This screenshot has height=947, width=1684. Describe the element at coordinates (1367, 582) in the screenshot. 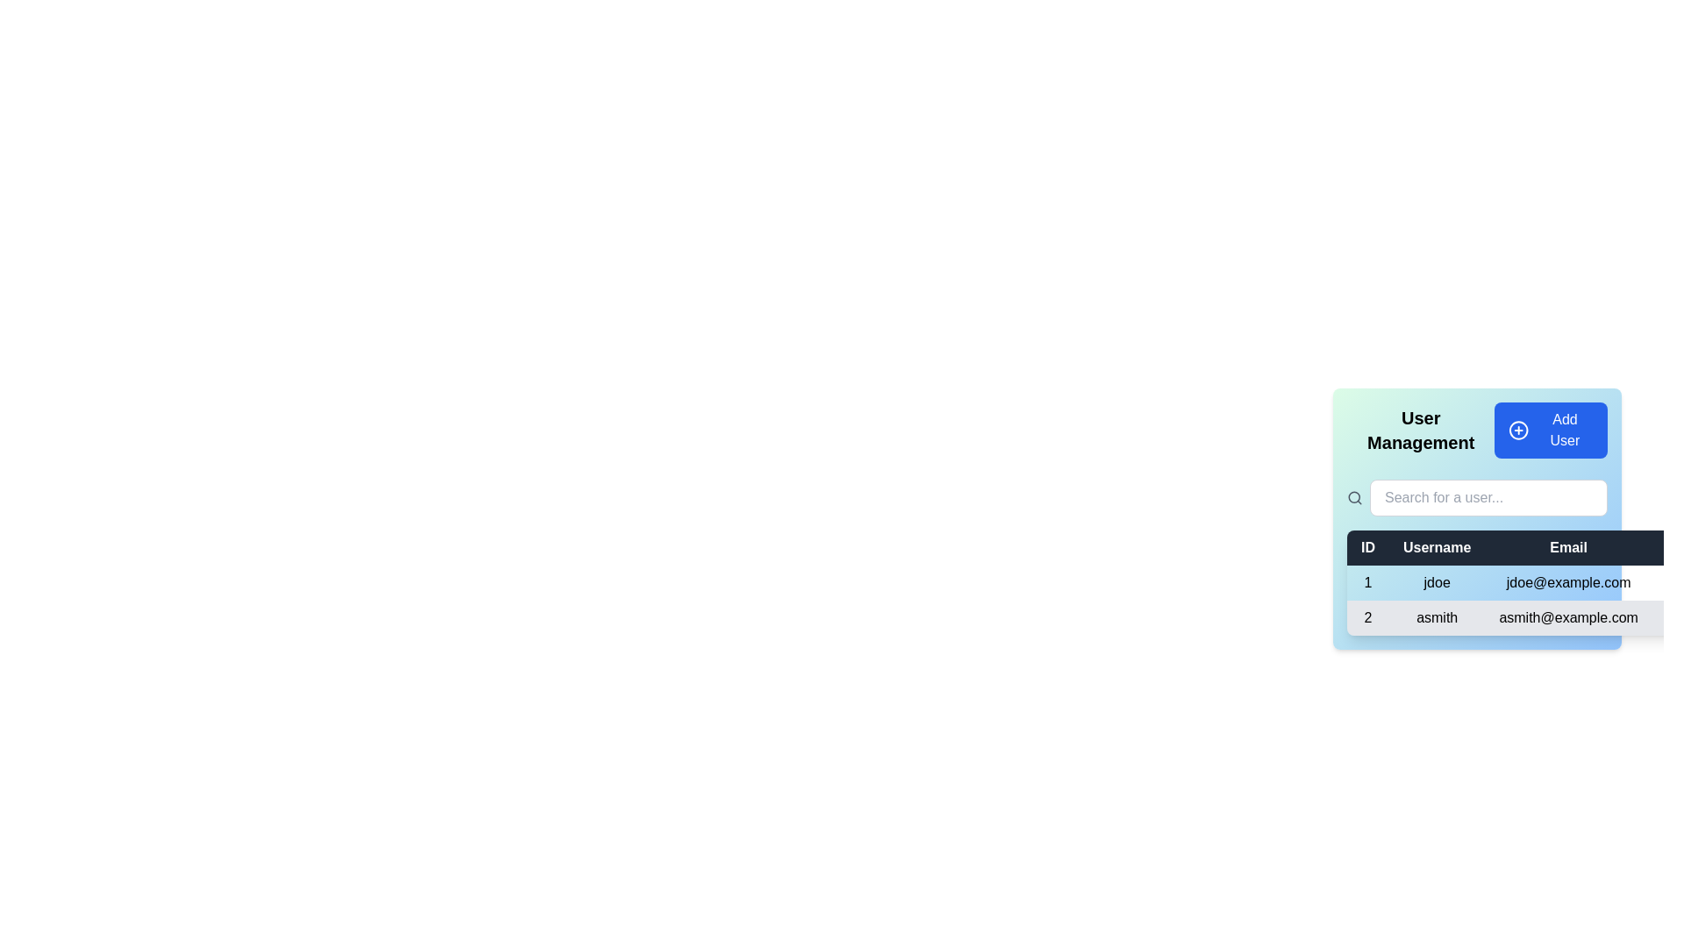

I see `the text label displaying the numeral '1' located in the 'ID' column of the first row in a tabulated layout` at that location.